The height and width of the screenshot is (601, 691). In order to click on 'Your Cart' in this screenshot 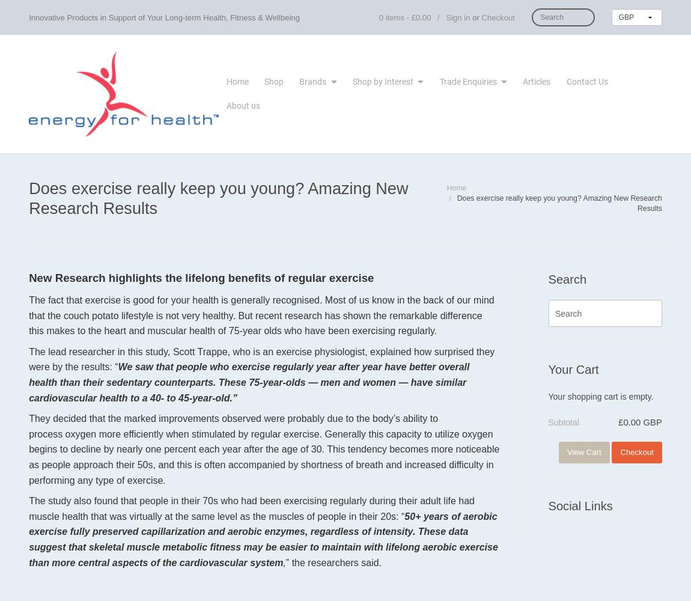, I will do `click(573, 368)`.